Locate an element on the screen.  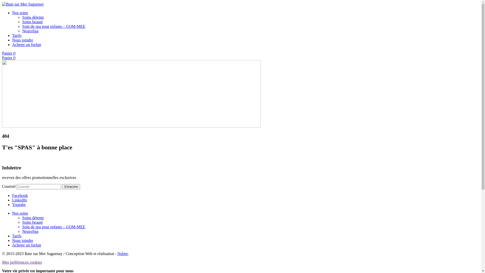
'Panier 0' is located at coordinates (9, 53).